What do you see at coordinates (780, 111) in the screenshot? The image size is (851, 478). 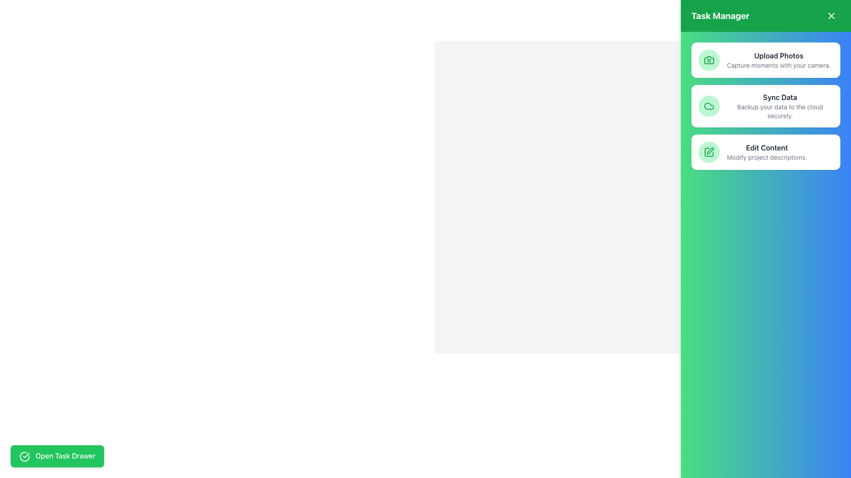 I see `descriptive text label located beneath the 'Sync Data' heading in the sidebar, which provides additional context about the function of syncing data` at bounding box center [780, 111].